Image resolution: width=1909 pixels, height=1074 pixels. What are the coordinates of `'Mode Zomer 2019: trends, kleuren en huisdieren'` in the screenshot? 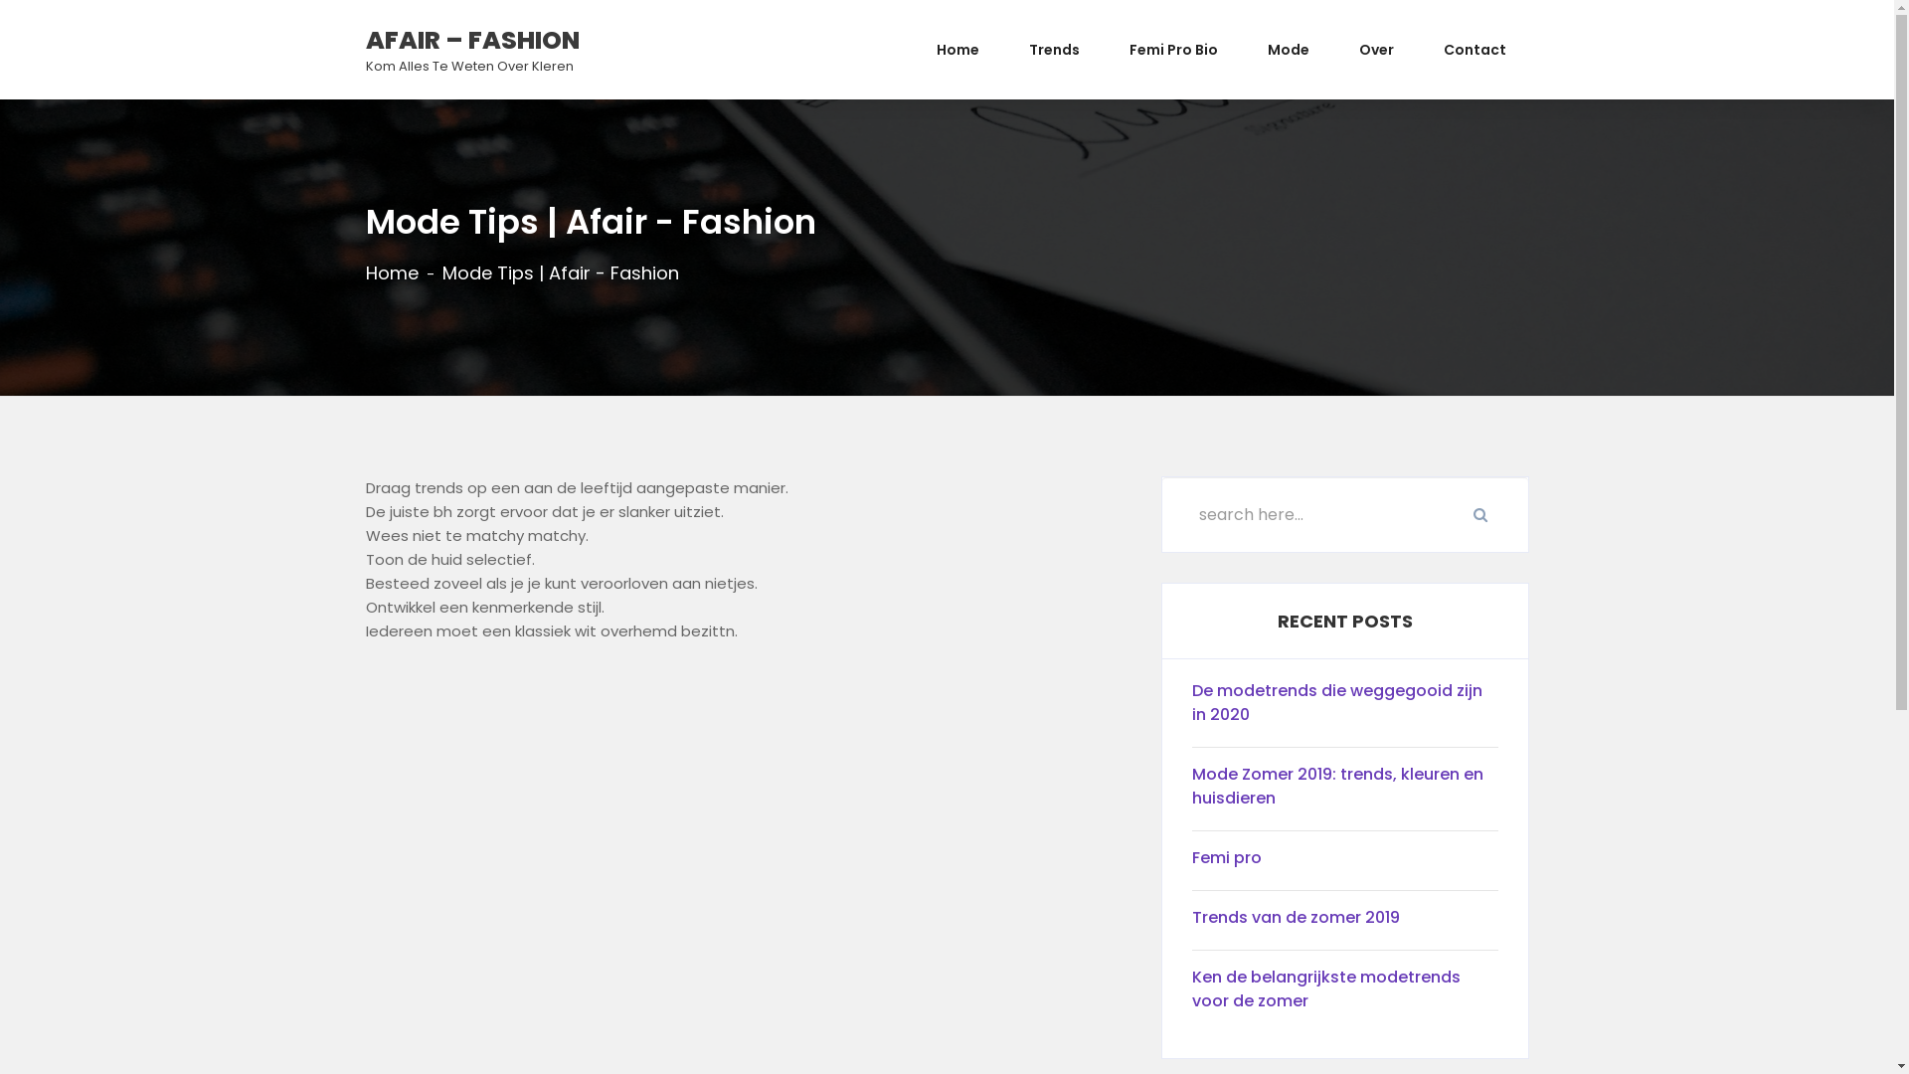 It's located at (1344, 790).